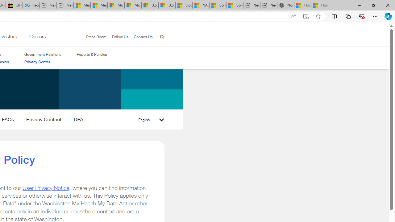  I want to click on 'Careers', so click(37, 38).